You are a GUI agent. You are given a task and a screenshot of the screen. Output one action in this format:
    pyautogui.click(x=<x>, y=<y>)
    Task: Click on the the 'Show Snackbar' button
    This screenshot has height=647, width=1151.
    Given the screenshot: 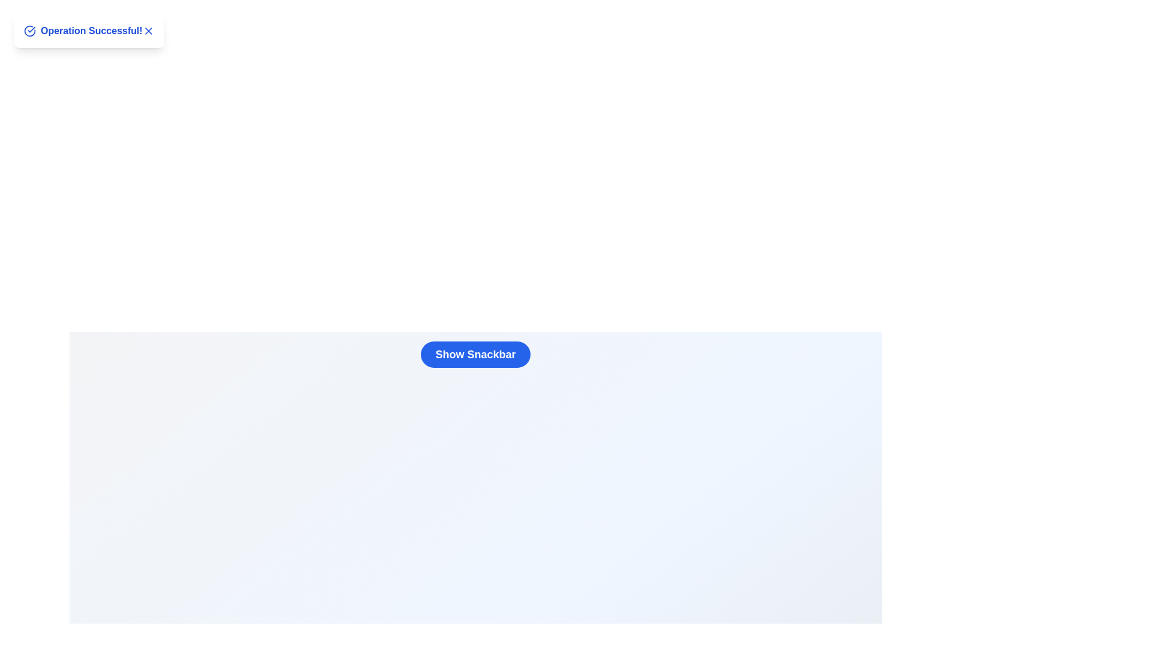 What is the action you would take?
    pyautogui.click(x=475, y=353)
    